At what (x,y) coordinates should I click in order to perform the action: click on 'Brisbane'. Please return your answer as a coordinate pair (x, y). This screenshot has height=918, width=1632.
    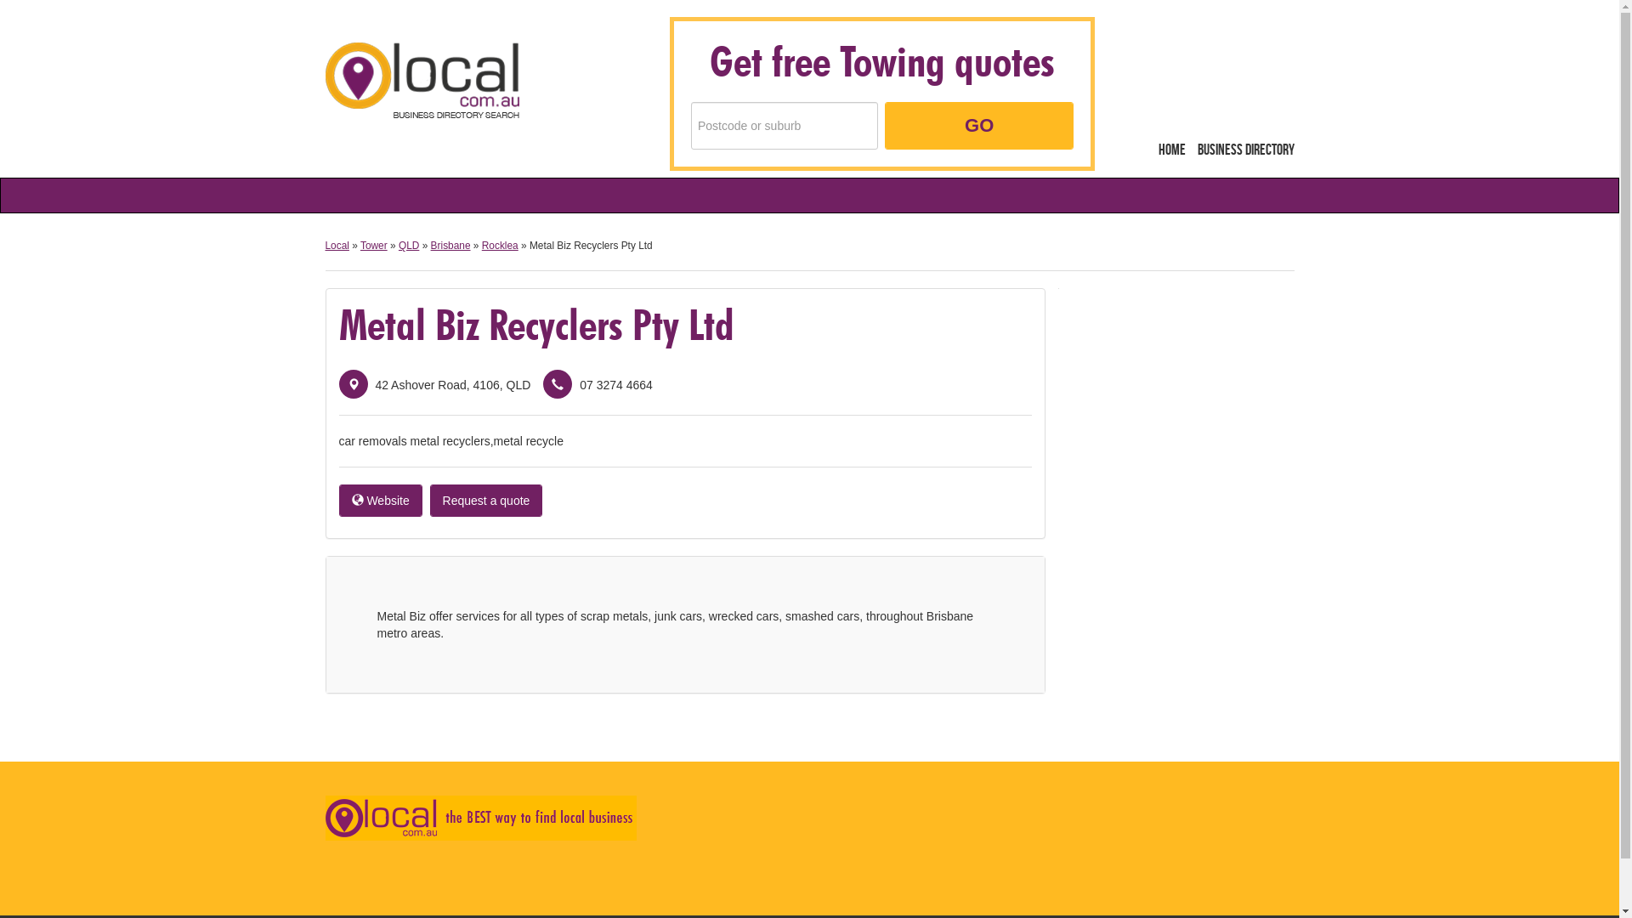
    Looking at the image, I should click on (431, 246).